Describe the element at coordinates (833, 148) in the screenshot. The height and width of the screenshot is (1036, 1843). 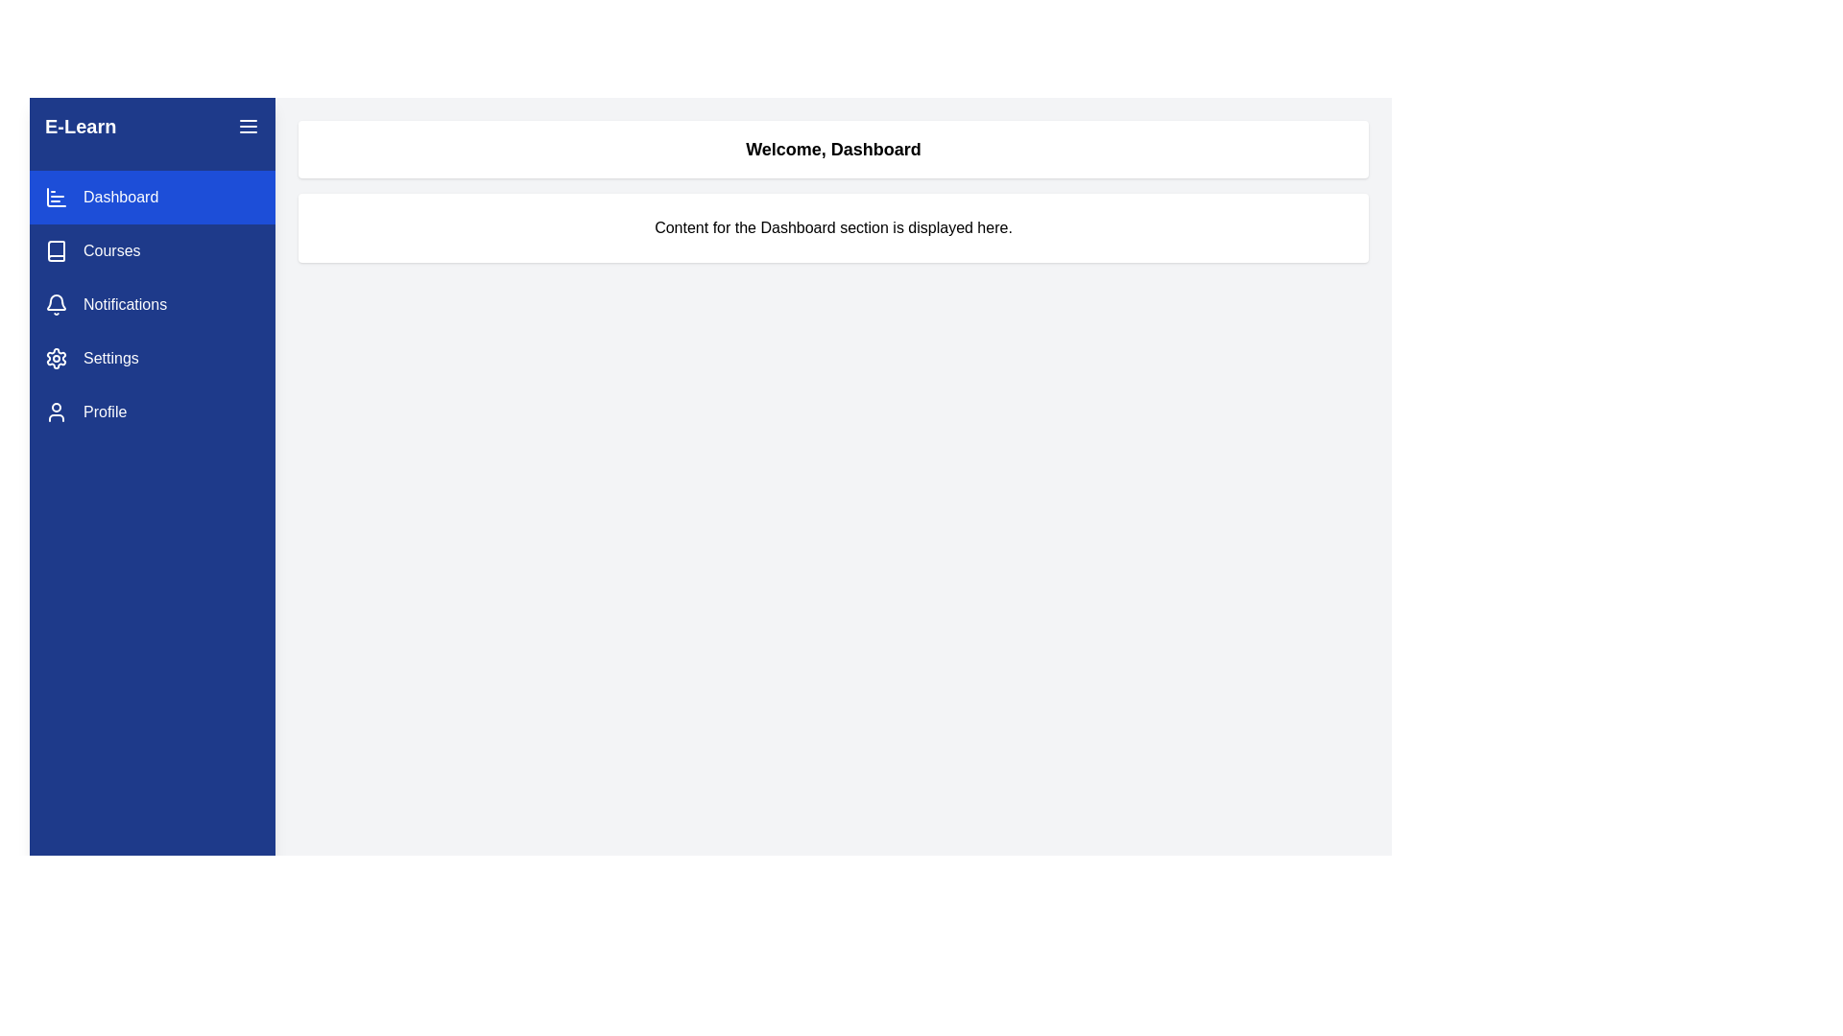
I see `the static text label that serves as a header welcoming the user to the dashboard section of the application` at that location.